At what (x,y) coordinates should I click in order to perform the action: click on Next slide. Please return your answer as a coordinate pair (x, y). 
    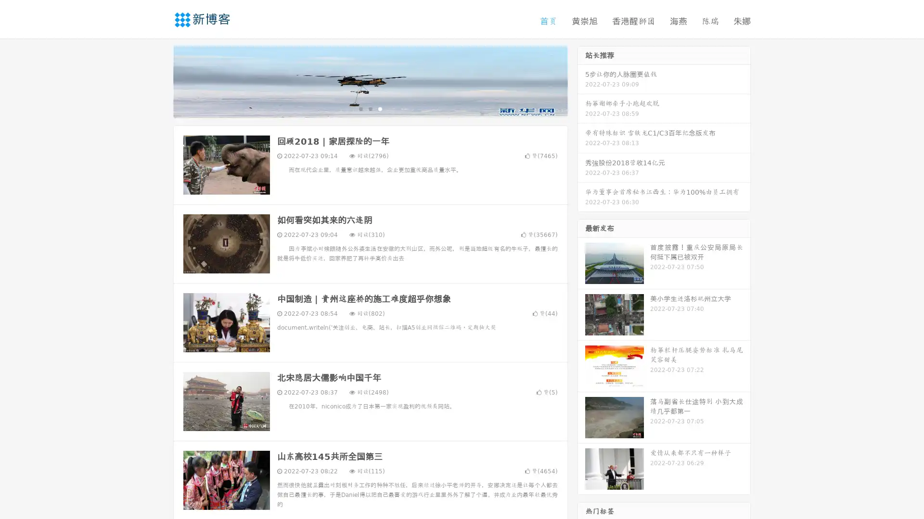
    Looking at the image, I should click on (581, 81).